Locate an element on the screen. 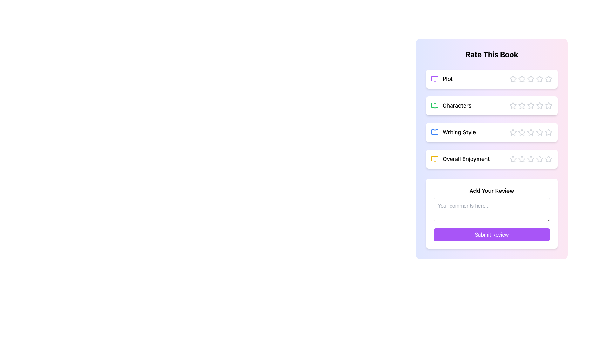 The height and width of the screenshot is (343, 610). the first star-shaped rating icon in the overall enjoyment section, which has a hollow interior and a gray outline, located in the fourth row of the five-star rating system is located at coordinates (513, 158).